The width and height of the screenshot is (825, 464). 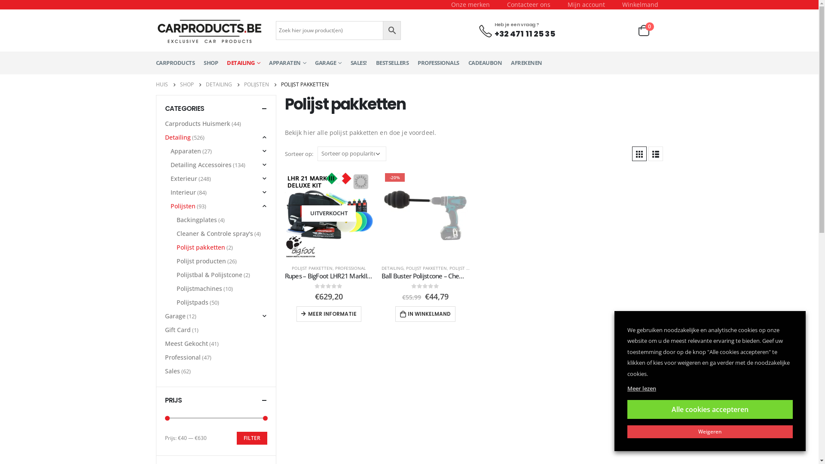 What do you see at coordinates (183, 206) in the screenshot?
I see `'Polijsten'` at bounding box center [183, 206].